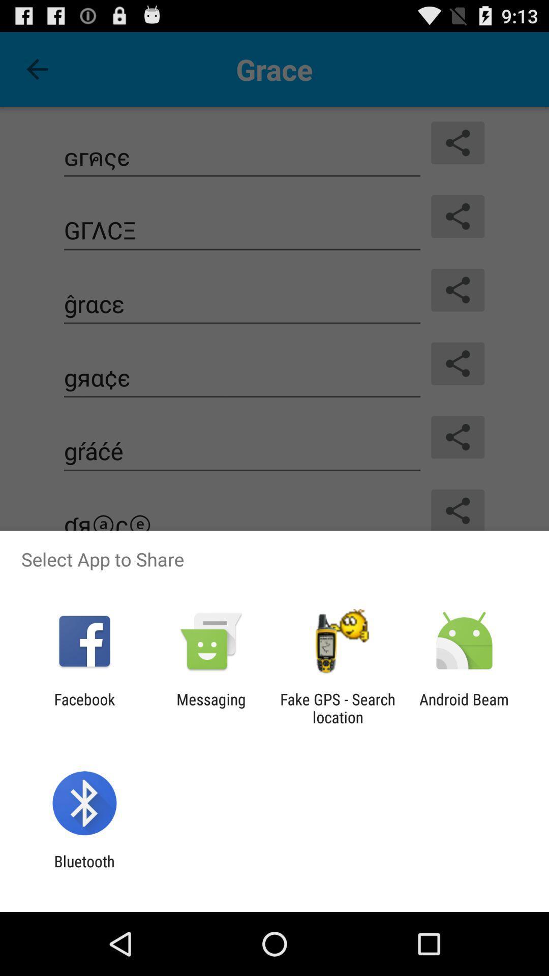  What do you see at coordinates (464, 708) in the screenshot?
I see `icon at the bottom right corner` at bounding box center [464, 708].